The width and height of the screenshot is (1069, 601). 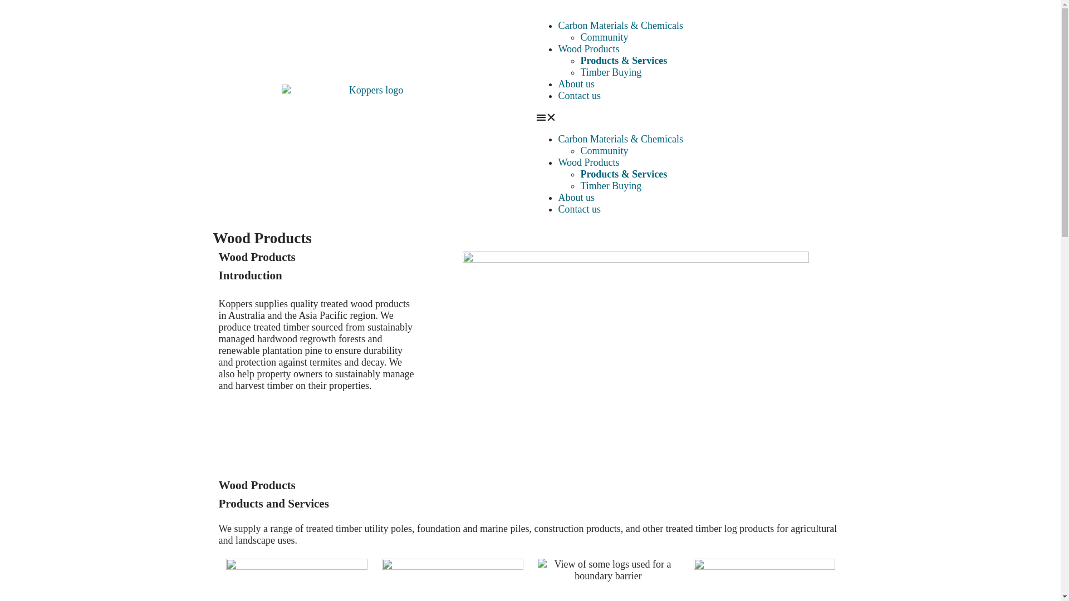 What do you see at coordinates (622, 174) in the screenshot?
I see `'Products & Services'` at bounding box center [622, 174].